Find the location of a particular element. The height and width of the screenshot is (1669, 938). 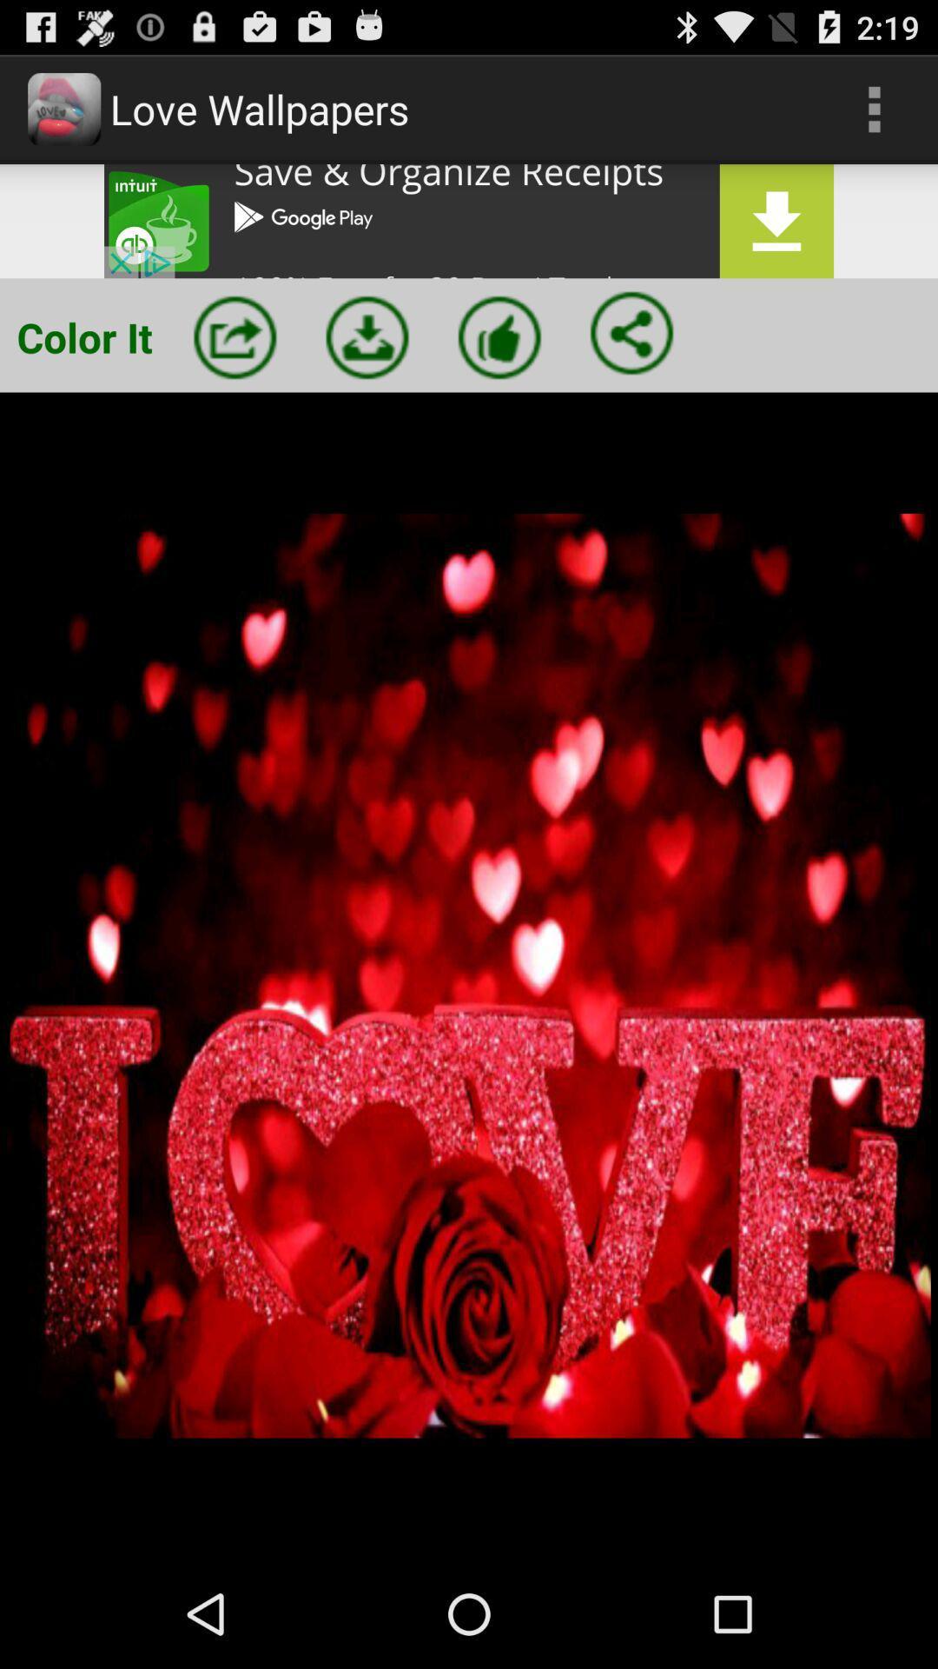

download photo is located at coordinates (367, 337).